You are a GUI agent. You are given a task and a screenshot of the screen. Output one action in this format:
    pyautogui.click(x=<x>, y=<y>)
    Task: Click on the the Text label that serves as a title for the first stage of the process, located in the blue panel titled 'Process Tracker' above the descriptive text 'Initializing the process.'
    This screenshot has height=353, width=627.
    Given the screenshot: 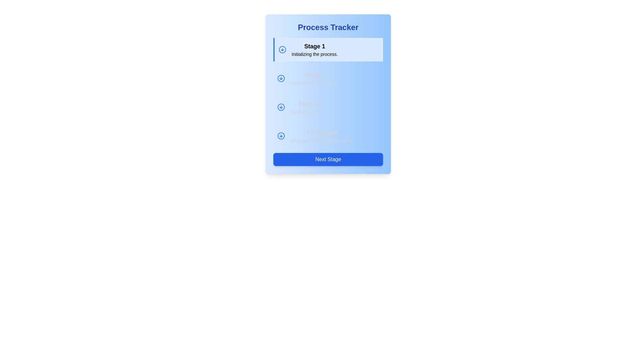 What is the action you would take?
    pyautogui.click(x=314, y=46)
    